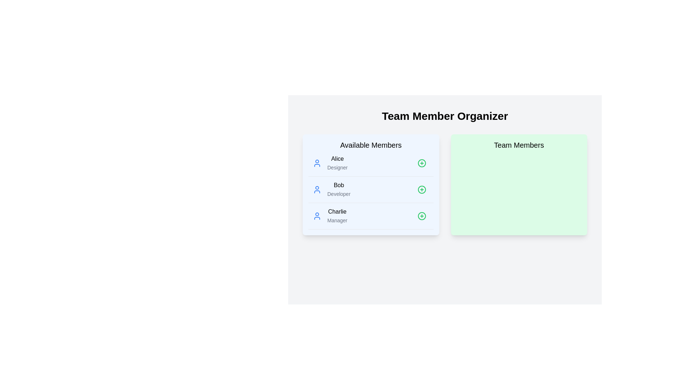 The width and height of the screenshot is (696, 391). What do you see at coordinates (337, 220) in the screenshot?
I see `the 'Manager' label, a small greyish text block located below 'Charlie' in the 'Available Members' panel` at bounding box center [337, 220].